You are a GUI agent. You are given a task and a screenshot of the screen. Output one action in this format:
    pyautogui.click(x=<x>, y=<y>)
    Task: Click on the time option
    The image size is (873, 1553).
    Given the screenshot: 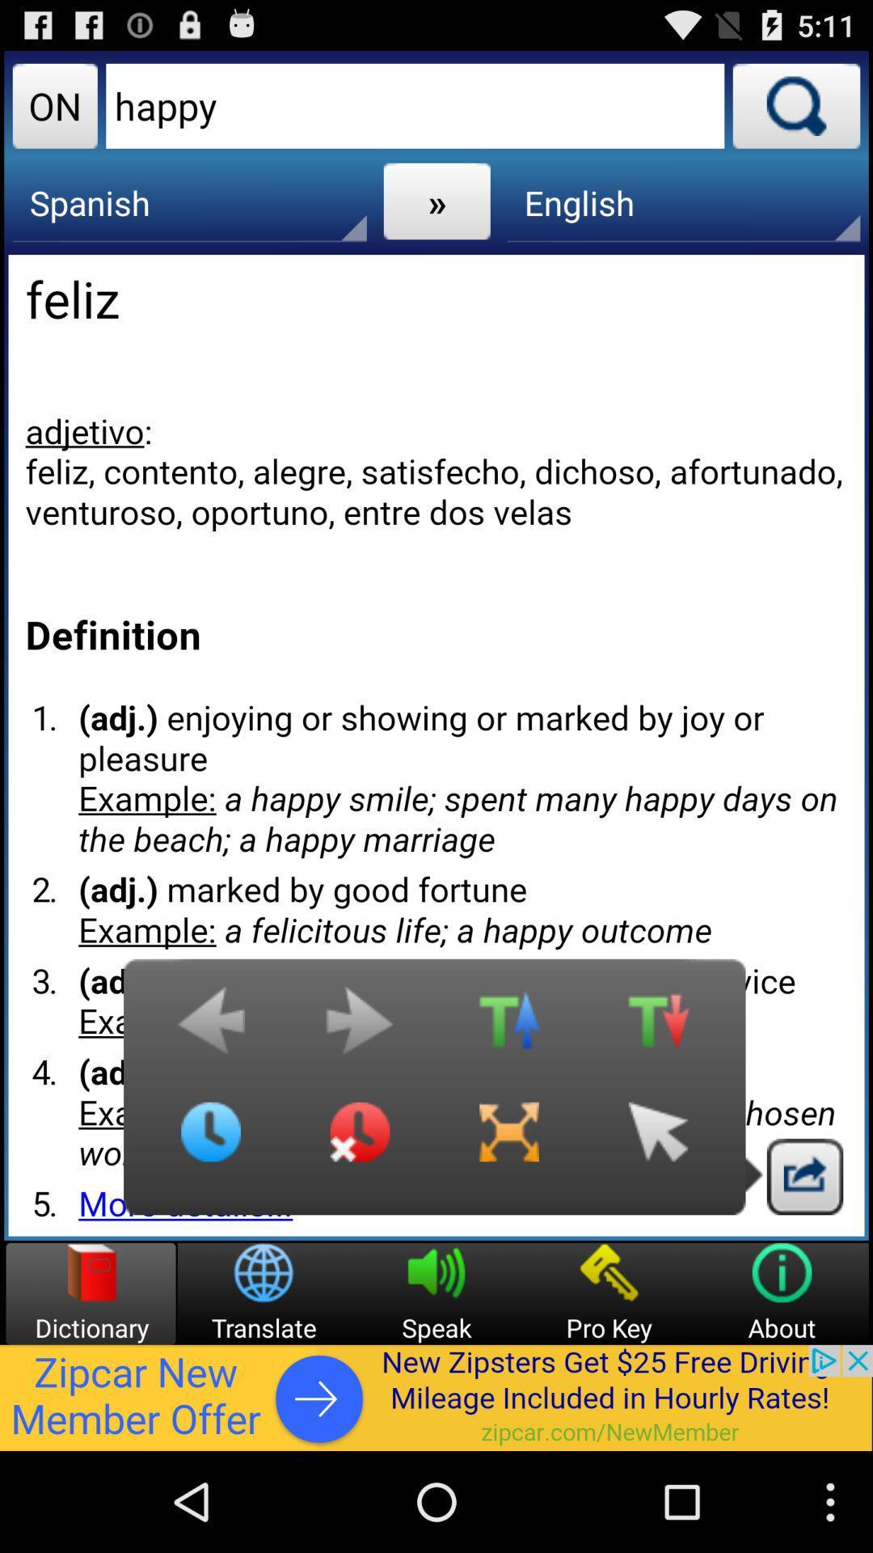 What is the action you would take?
    pyautogui.click(x=210, y=1144)
    